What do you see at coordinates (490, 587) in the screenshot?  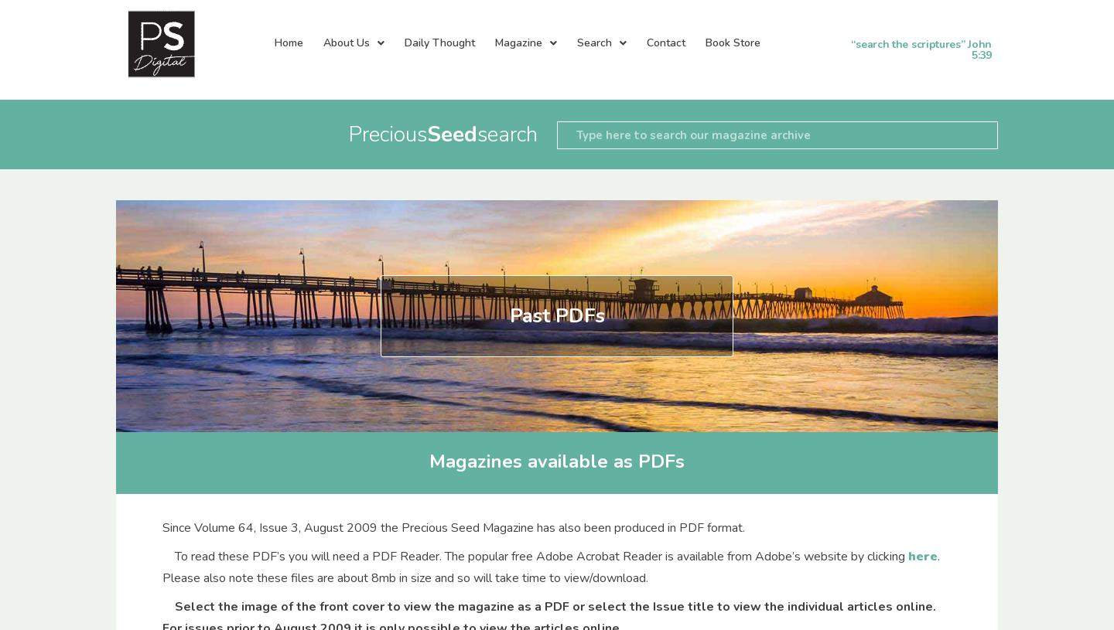 I see `'2020 Volume 75 Issue 2'` at bounding box center [490, 587].